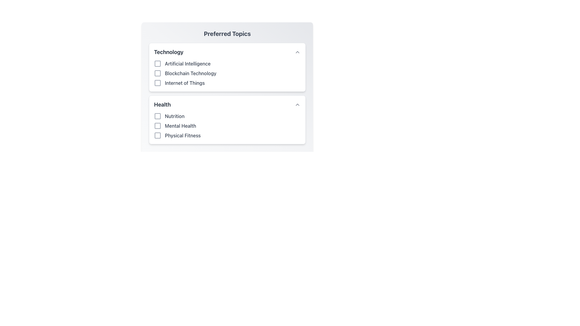 This screenshot has height=326, width=580. Describe the element at coordinates (158, 135) in the screenshot. I see `the checkbox located to the left of the 'Physical Fitness' text` at that location.